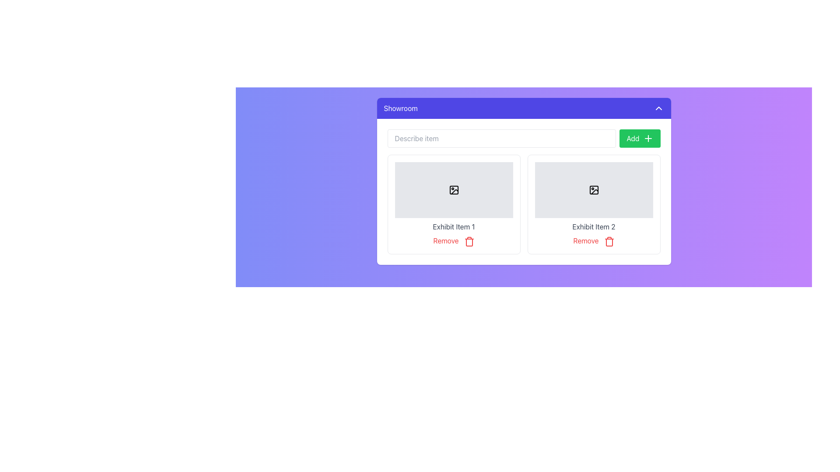  I want to click on the outline of the icon within the 'Exhibit Item 1' card, which is centrally located in the card area, so click(454, 190).